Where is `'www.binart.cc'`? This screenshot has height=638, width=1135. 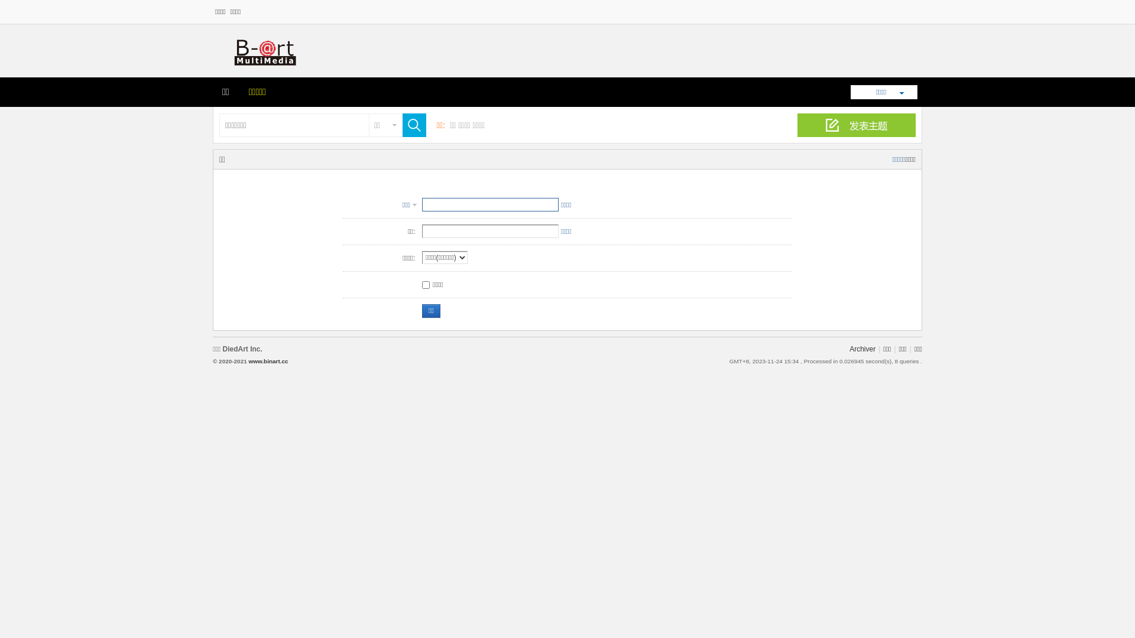 'www.binart.cc' is located at coordinates (267, 360).